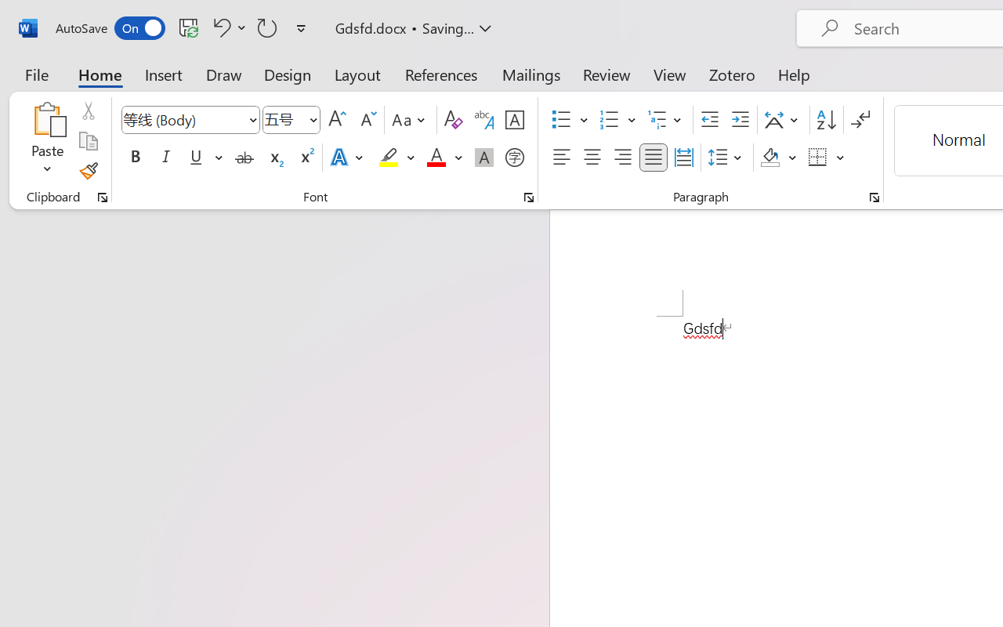 The image size is (1003, 627). Describe the element at coordinates (87, 140) in the screenshot. I see `'Copy'` at that location.